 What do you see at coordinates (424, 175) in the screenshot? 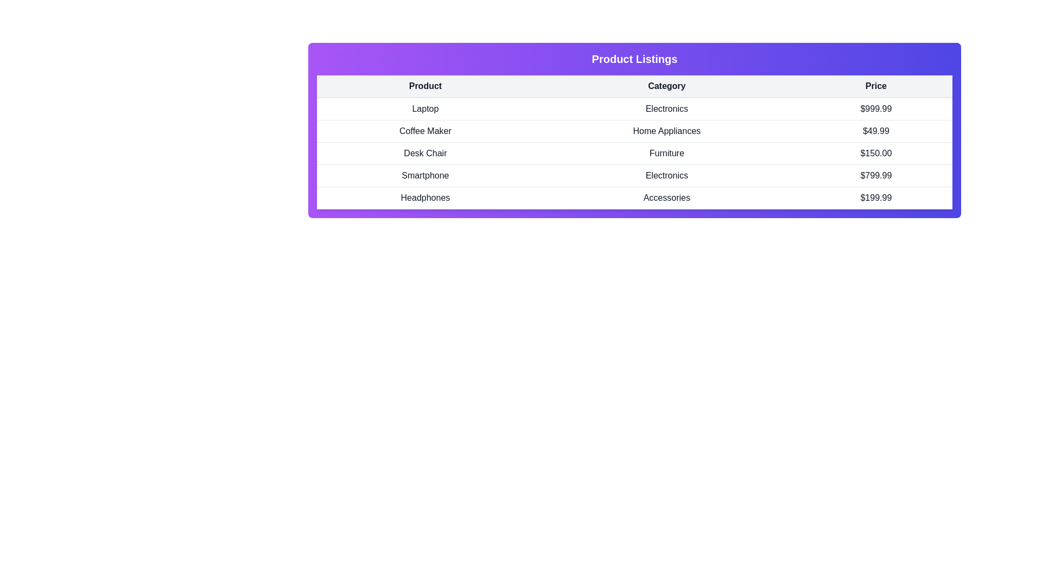
I see `the product name text label located in the fourth row of the table under the 'Product' column` at bounding box center [424, 175].